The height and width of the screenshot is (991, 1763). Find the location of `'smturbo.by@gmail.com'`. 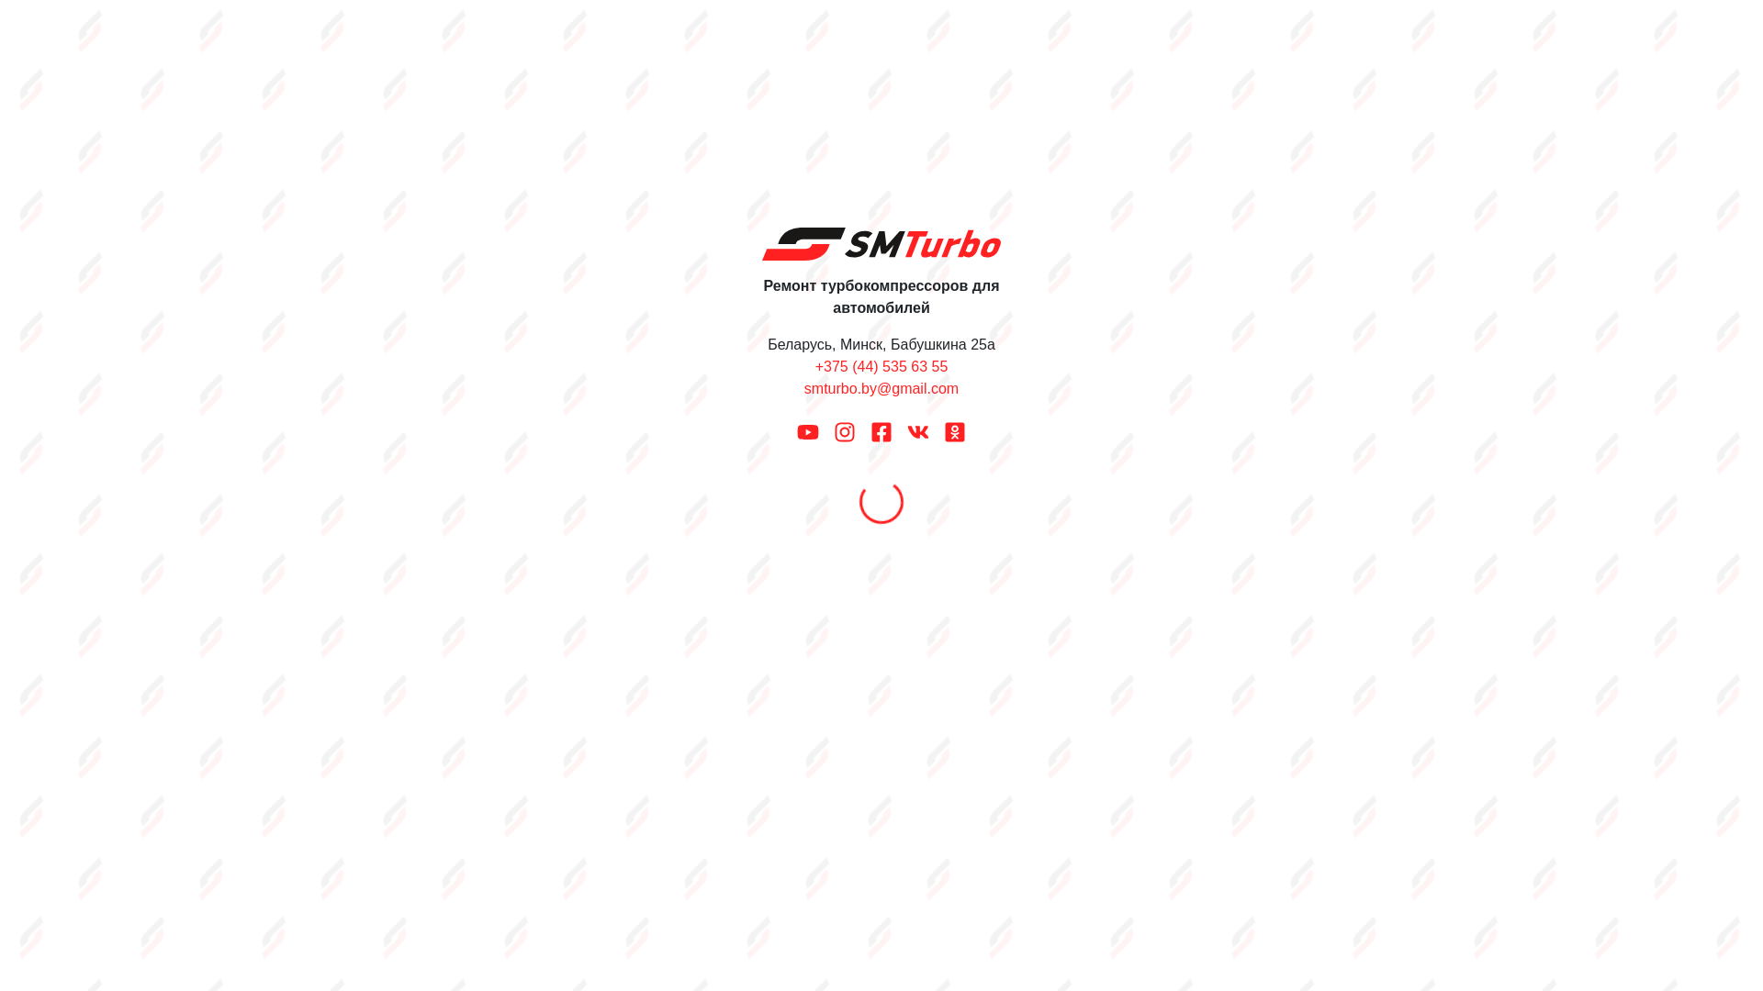

'smturbo.by@gmail.com' is located at coordinates (881, 387).